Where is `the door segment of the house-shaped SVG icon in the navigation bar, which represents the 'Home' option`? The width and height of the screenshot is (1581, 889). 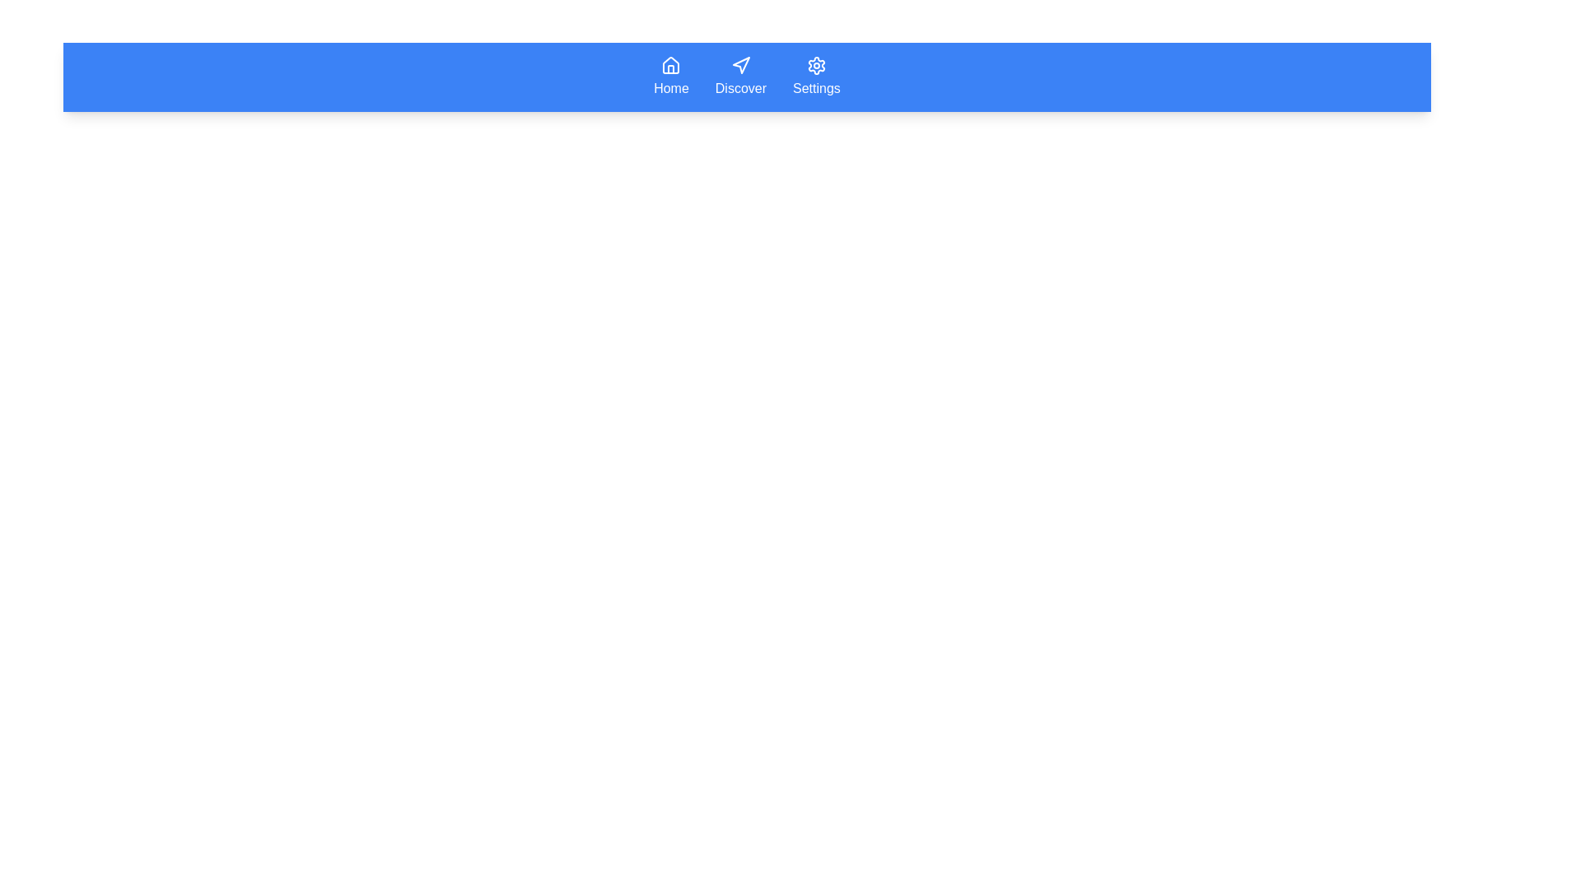
the door segment of the house-shaped SVG icon in the navigation bar, which represents the 'Home' option is located at coordinates (671, 68).